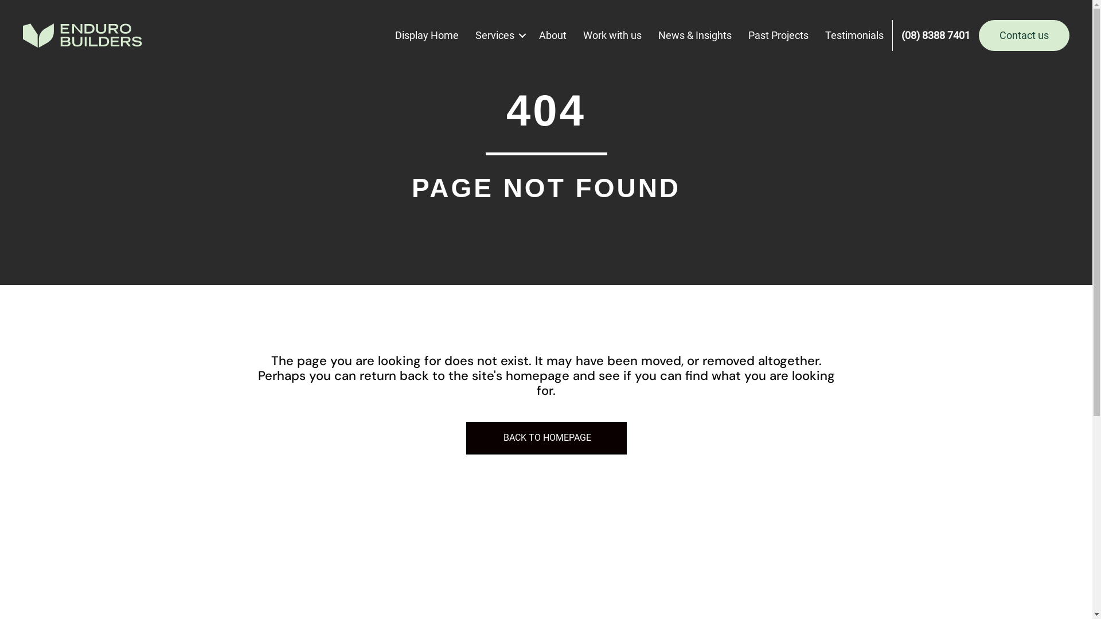 The width and height of the screenshot is (1101, 619). I want to click on 'logo', so click(82, 34).